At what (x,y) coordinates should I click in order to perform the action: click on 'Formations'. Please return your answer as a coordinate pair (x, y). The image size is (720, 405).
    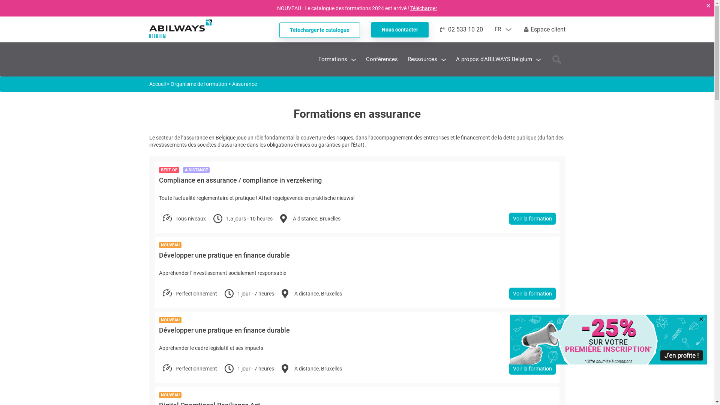
    Looking at the image, I should click on (332, 59).